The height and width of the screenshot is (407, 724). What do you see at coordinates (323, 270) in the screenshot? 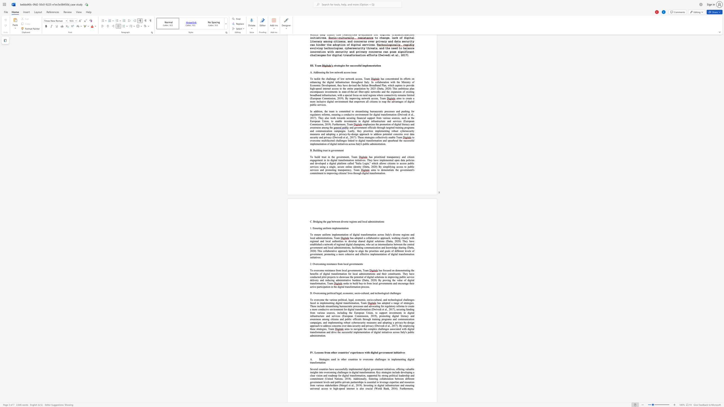
I see `the 2th character "e" in the text` at bounding box center [323, 270].